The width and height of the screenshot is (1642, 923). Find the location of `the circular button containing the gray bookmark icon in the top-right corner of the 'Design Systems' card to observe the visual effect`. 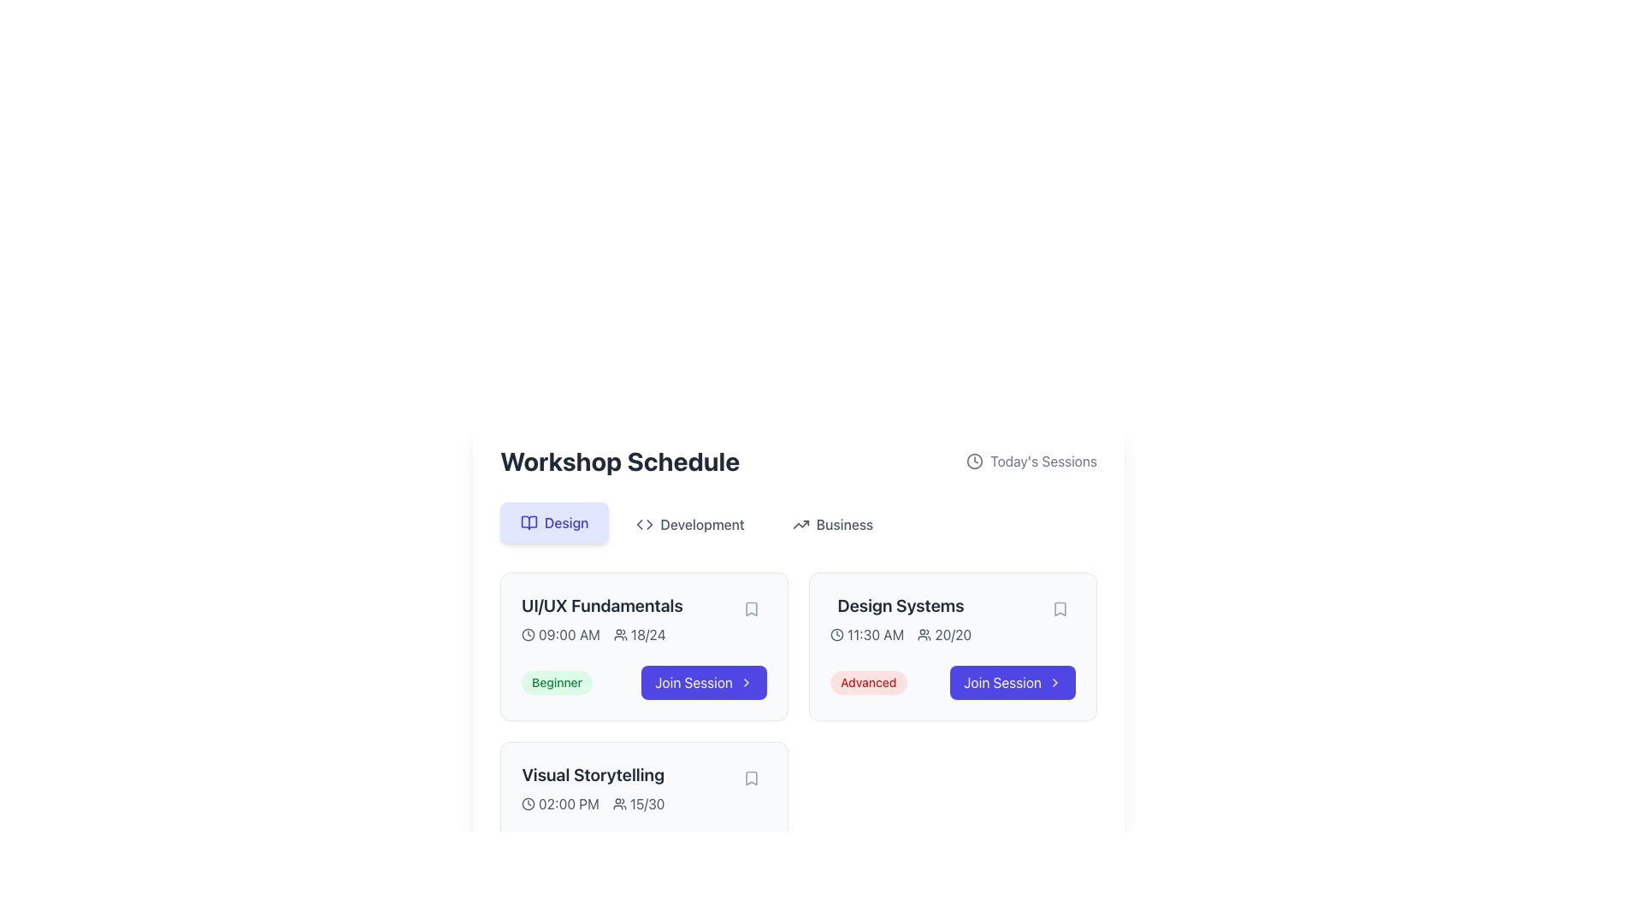

the circular button containing the gray bookmark icon in the top-right corner of the 'Design Systems' card to observe the visual effect is located at coordinates (1059, 608).